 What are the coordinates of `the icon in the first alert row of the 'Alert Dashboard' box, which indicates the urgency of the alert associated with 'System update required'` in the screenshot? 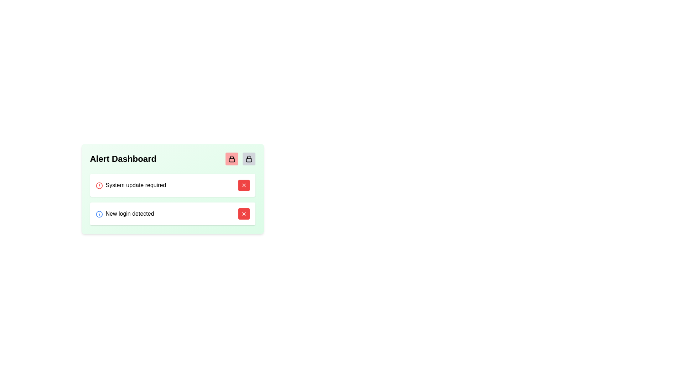 It's located at (99, 185).